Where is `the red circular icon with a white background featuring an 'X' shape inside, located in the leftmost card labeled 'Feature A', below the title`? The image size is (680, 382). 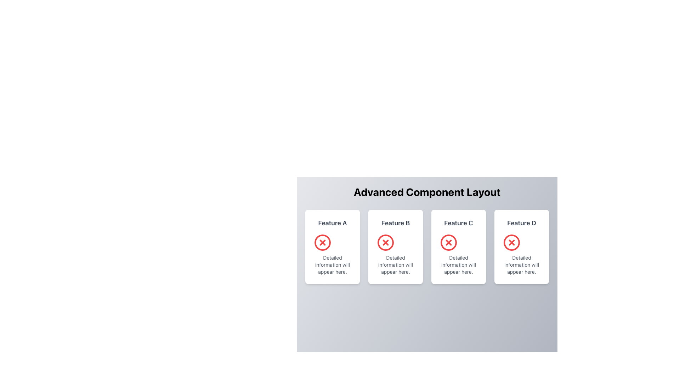 the red circular icon with a white background featuring an 'X' shape inside, located in the leftmost card labeled 'Feature A', below the title is located at coordinates (322, 242).